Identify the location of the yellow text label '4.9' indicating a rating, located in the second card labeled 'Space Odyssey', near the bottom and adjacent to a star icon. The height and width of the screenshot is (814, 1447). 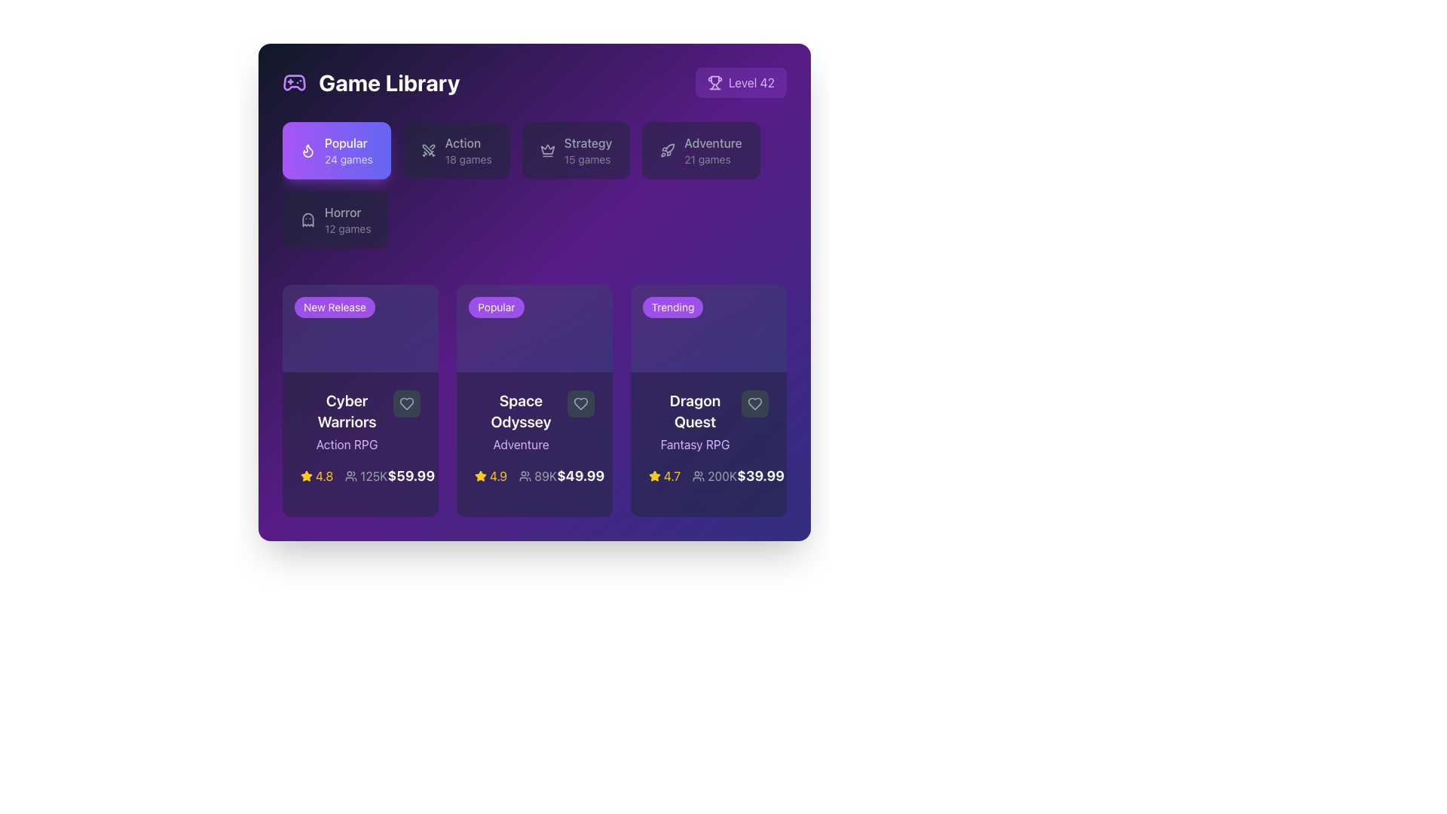
(498, 476).